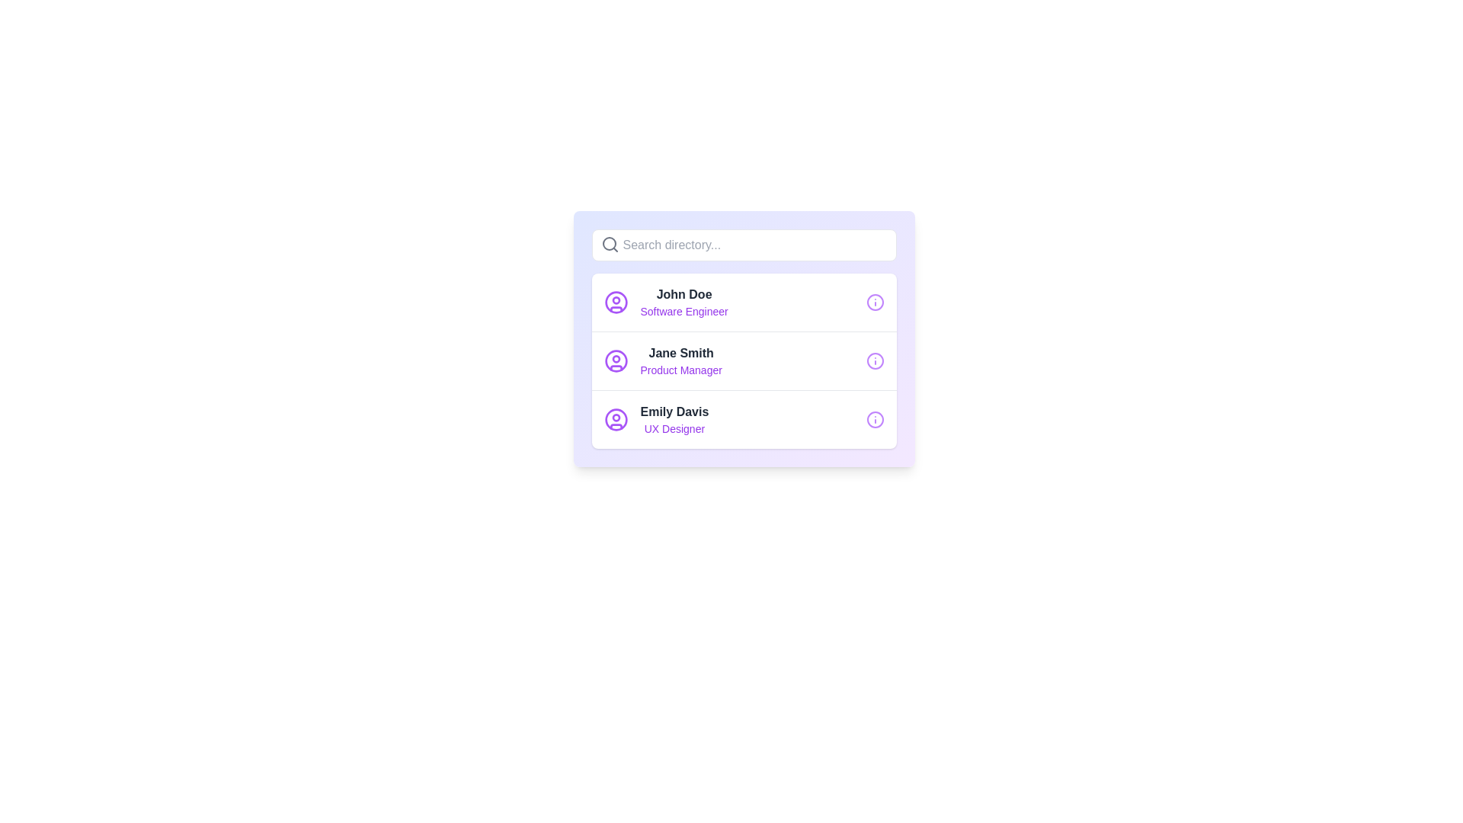  I want to click on the SVG Circle element which is part of the icon located to the right of 'Emily Davis, UX Designer' in the profiles list, so click(875, 420).